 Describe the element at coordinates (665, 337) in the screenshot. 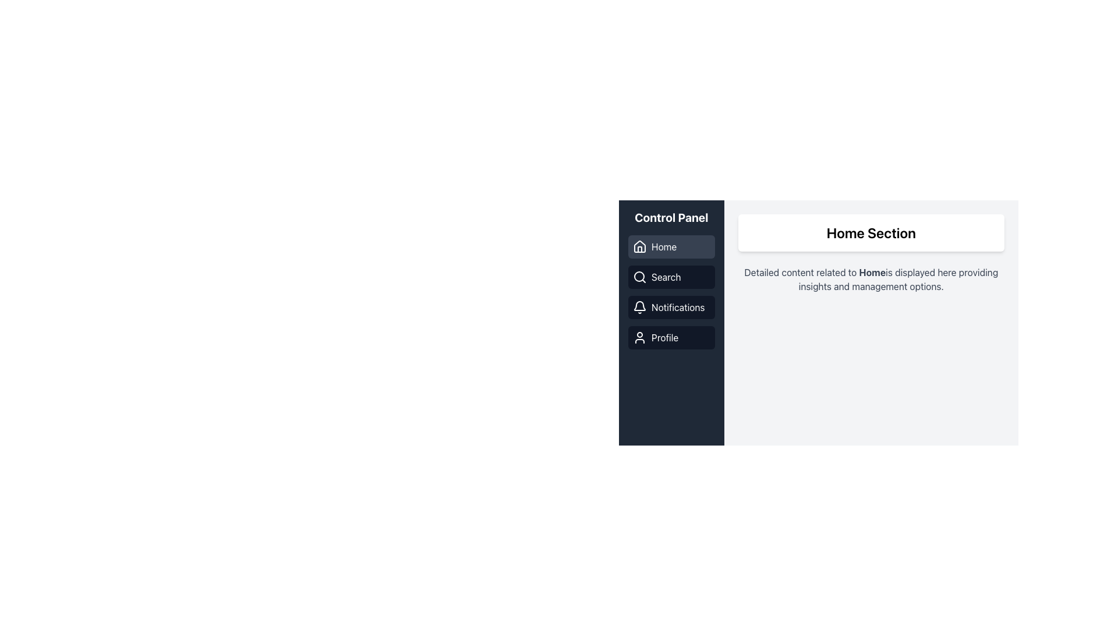

I see `text label displaying 'Profile' in white on a dark background, located in the sidebar navigation next to the user icon` at that location.